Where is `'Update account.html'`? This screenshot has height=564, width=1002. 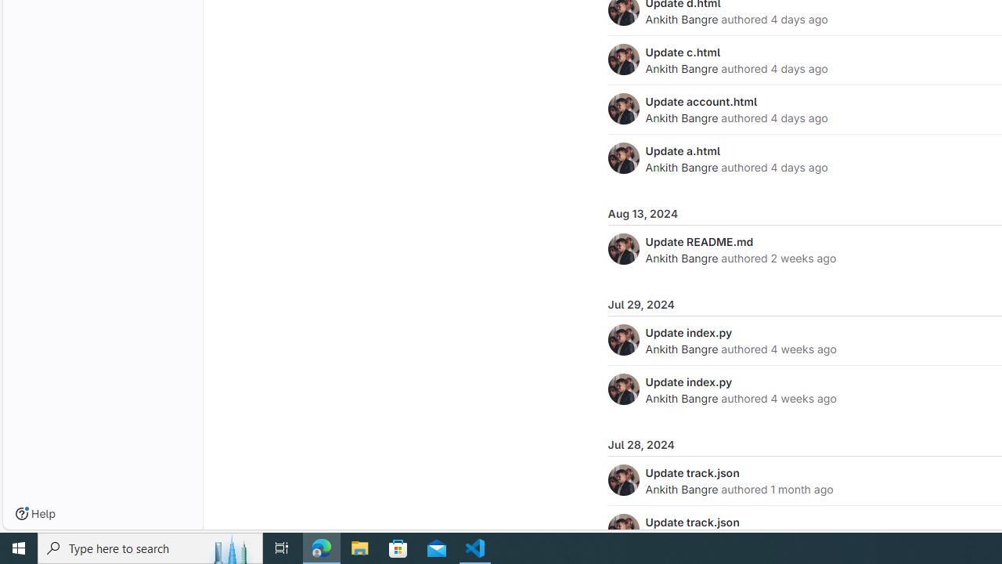
'Update account.html' is located at coordinates (701, 101).